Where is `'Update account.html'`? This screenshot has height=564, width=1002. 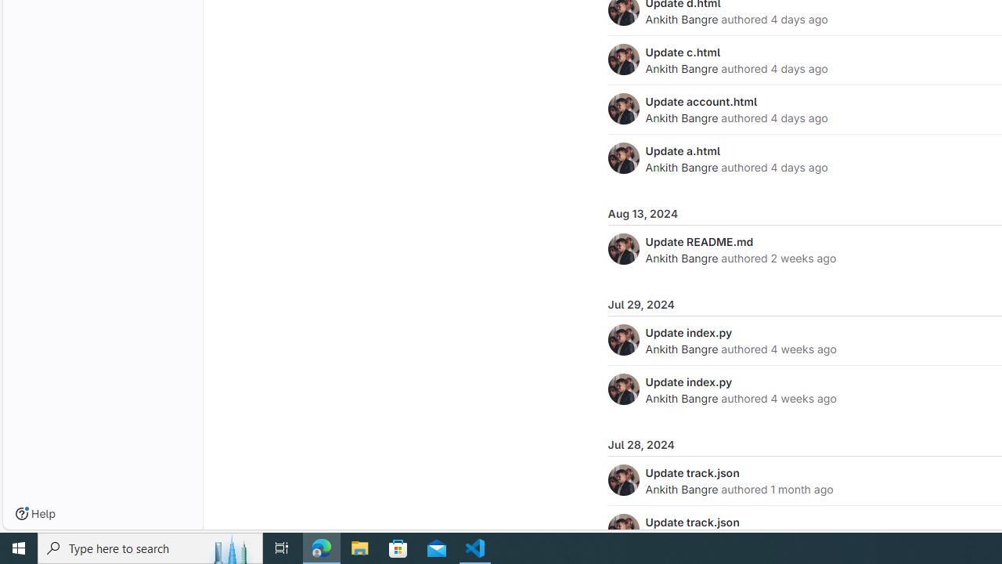
'Update account.html' is located at coordinates (701, 101).